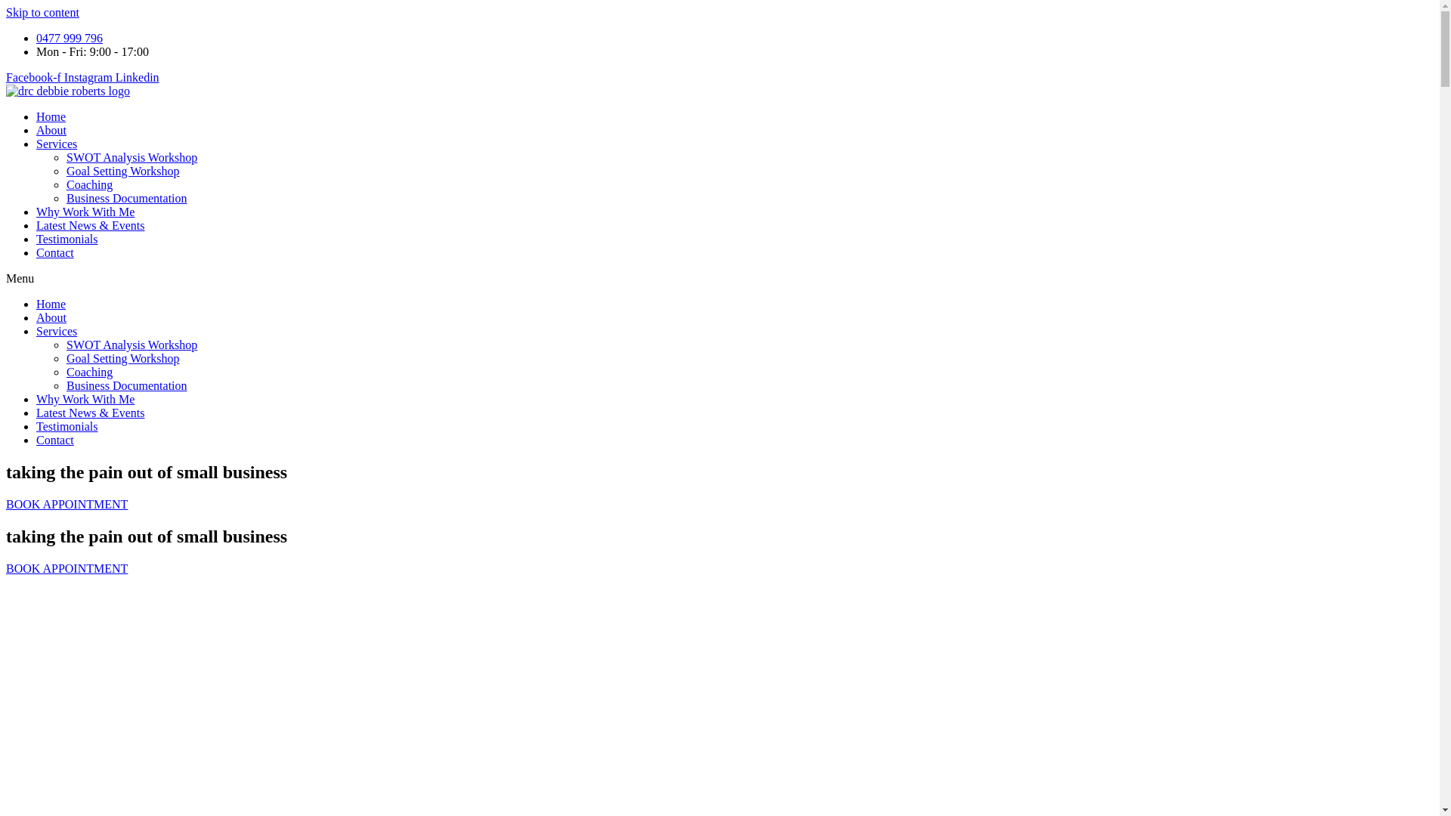 The image size is (1451, 816). What do you see at coordinates (131, 345) in the screenshot?
I see `'SWOT Analysis Workshop'` at bounding box center [131, 345].